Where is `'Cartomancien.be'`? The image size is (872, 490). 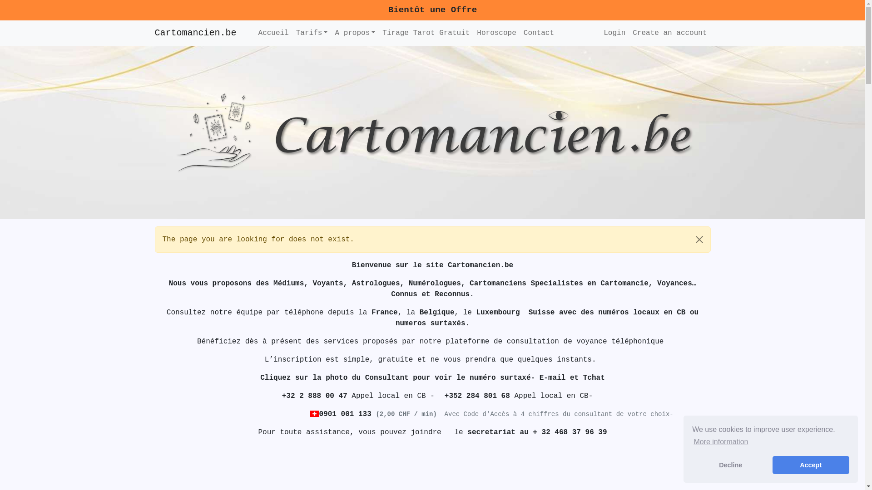 'Cartomancien.be' is located at coordinates (195, 33).